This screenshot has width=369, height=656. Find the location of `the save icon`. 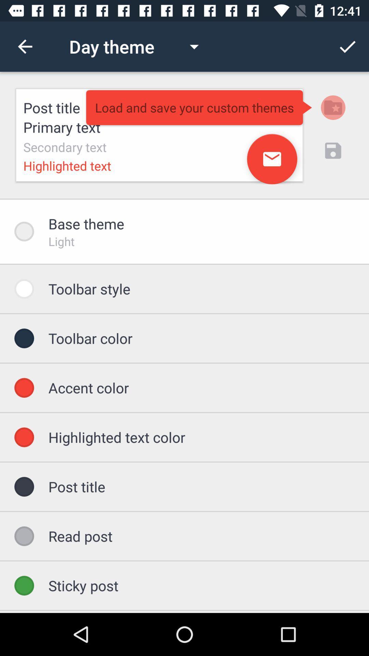

the save icon is located at coordinates (333, 150).